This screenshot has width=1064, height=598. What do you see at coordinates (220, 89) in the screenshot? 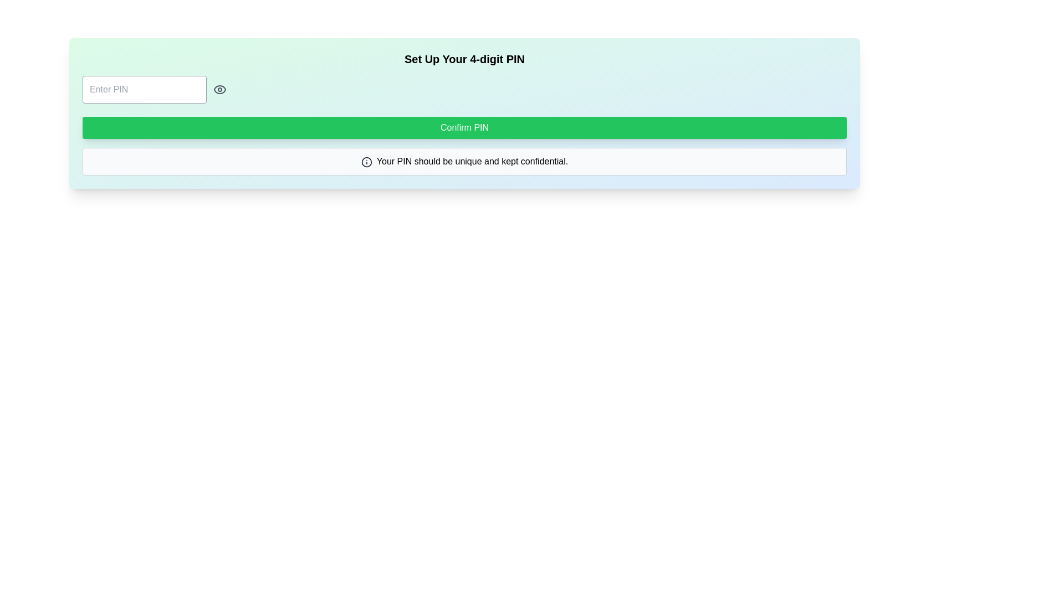
I see `the eye icon button next to the 'Enter PIN' input field` at bounding box center [220, 89].